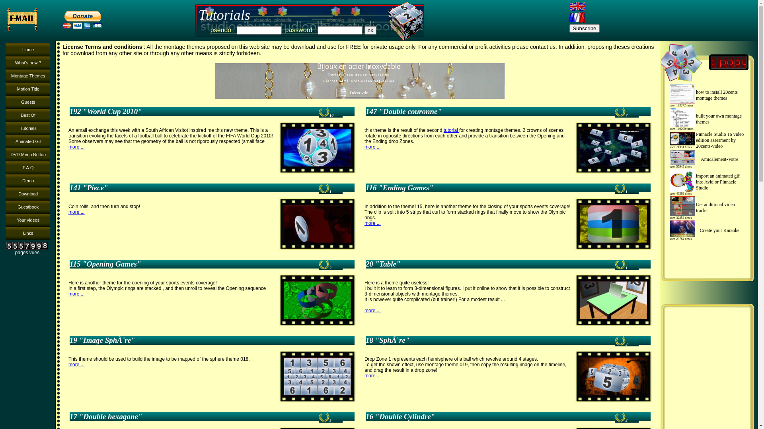  I want to click on 'seen 55945 times Amicalement-Votre', so click(667, 159).